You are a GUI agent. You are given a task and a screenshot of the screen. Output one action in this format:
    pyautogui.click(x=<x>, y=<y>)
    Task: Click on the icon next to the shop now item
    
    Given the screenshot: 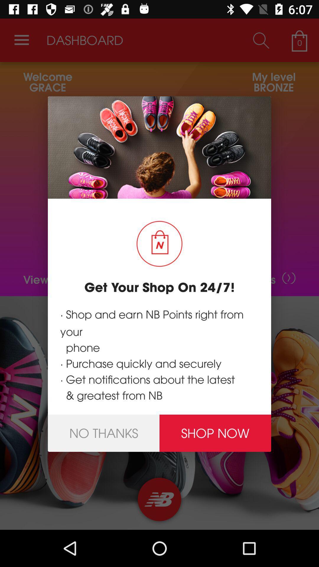 What is the action you would take?
    pyautogui.click(x=103, y=433)
    